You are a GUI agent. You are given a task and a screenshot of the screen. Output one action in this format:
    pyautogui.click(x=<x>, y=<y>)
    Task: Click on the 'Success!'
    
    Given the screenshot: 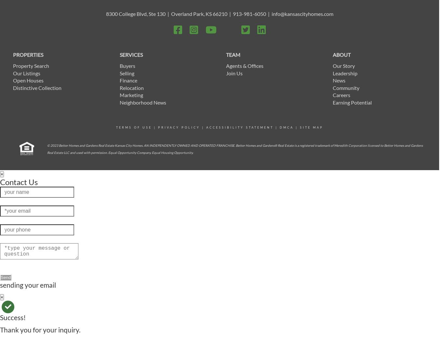 What is the action you would take?
    pyautogui.click(x=13, y=317)
    